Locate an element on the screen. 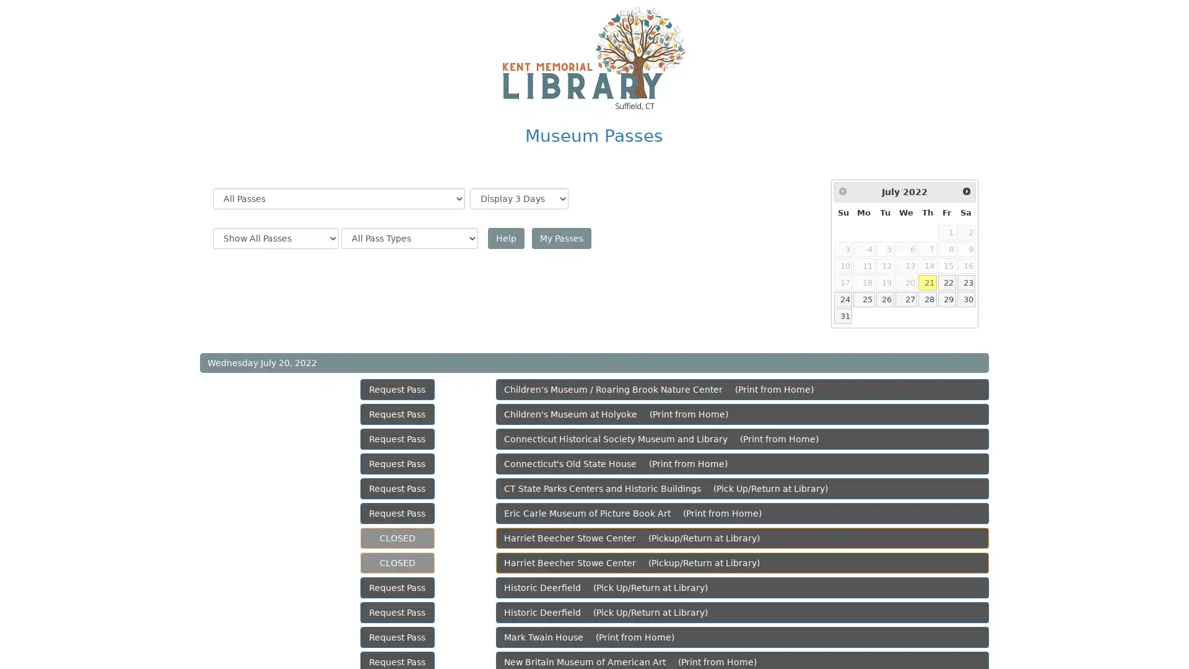 The image size is (1189, 669). Request Pass is located at coordinates (397, 611).